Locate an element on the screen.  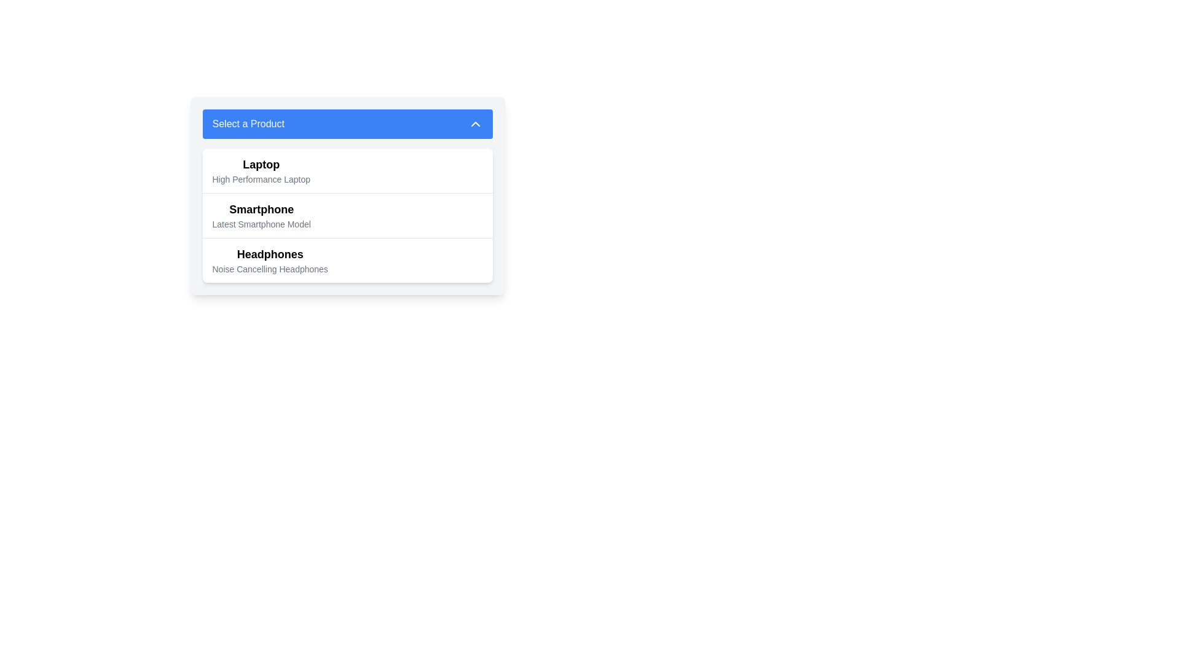
text from the first item in the product category list under the heading 'Select a Product', which provides information about Laptops is located at coordinates (261, 170).